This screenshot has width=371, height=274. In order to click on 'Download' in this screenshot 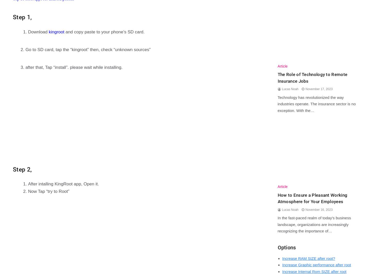, I will do `click(38, 31)`.